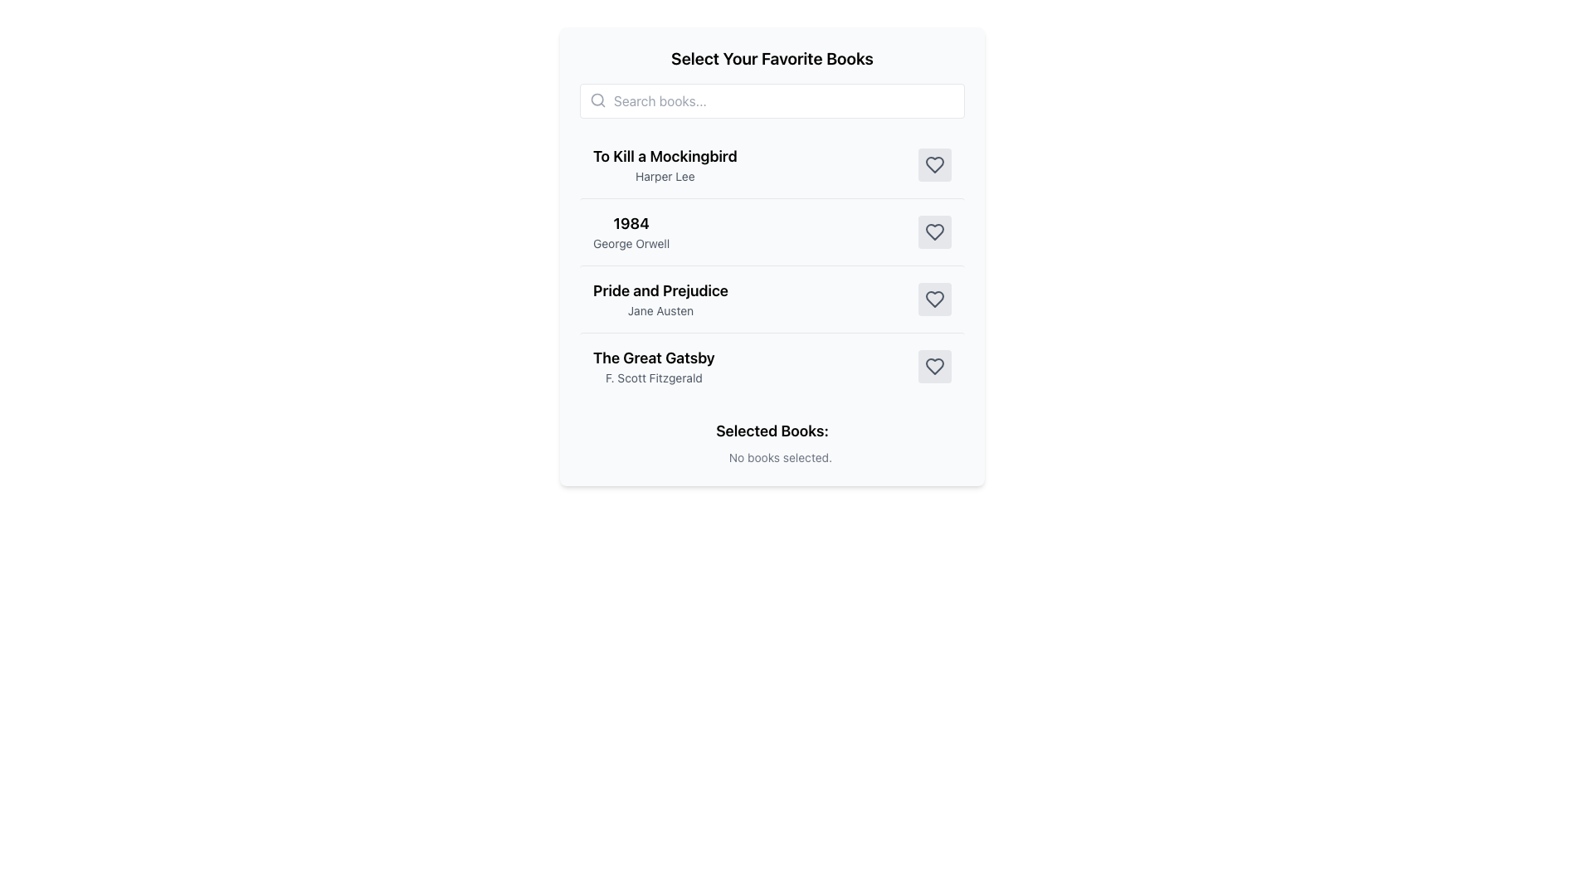 The image size is (1593, 896). Describe the element at coordinates (660, 299) in the screenshot. I see `the Text Block displaying 'Pride and Prejudice' by Jane Austen located in the third position of the book list` at that location.